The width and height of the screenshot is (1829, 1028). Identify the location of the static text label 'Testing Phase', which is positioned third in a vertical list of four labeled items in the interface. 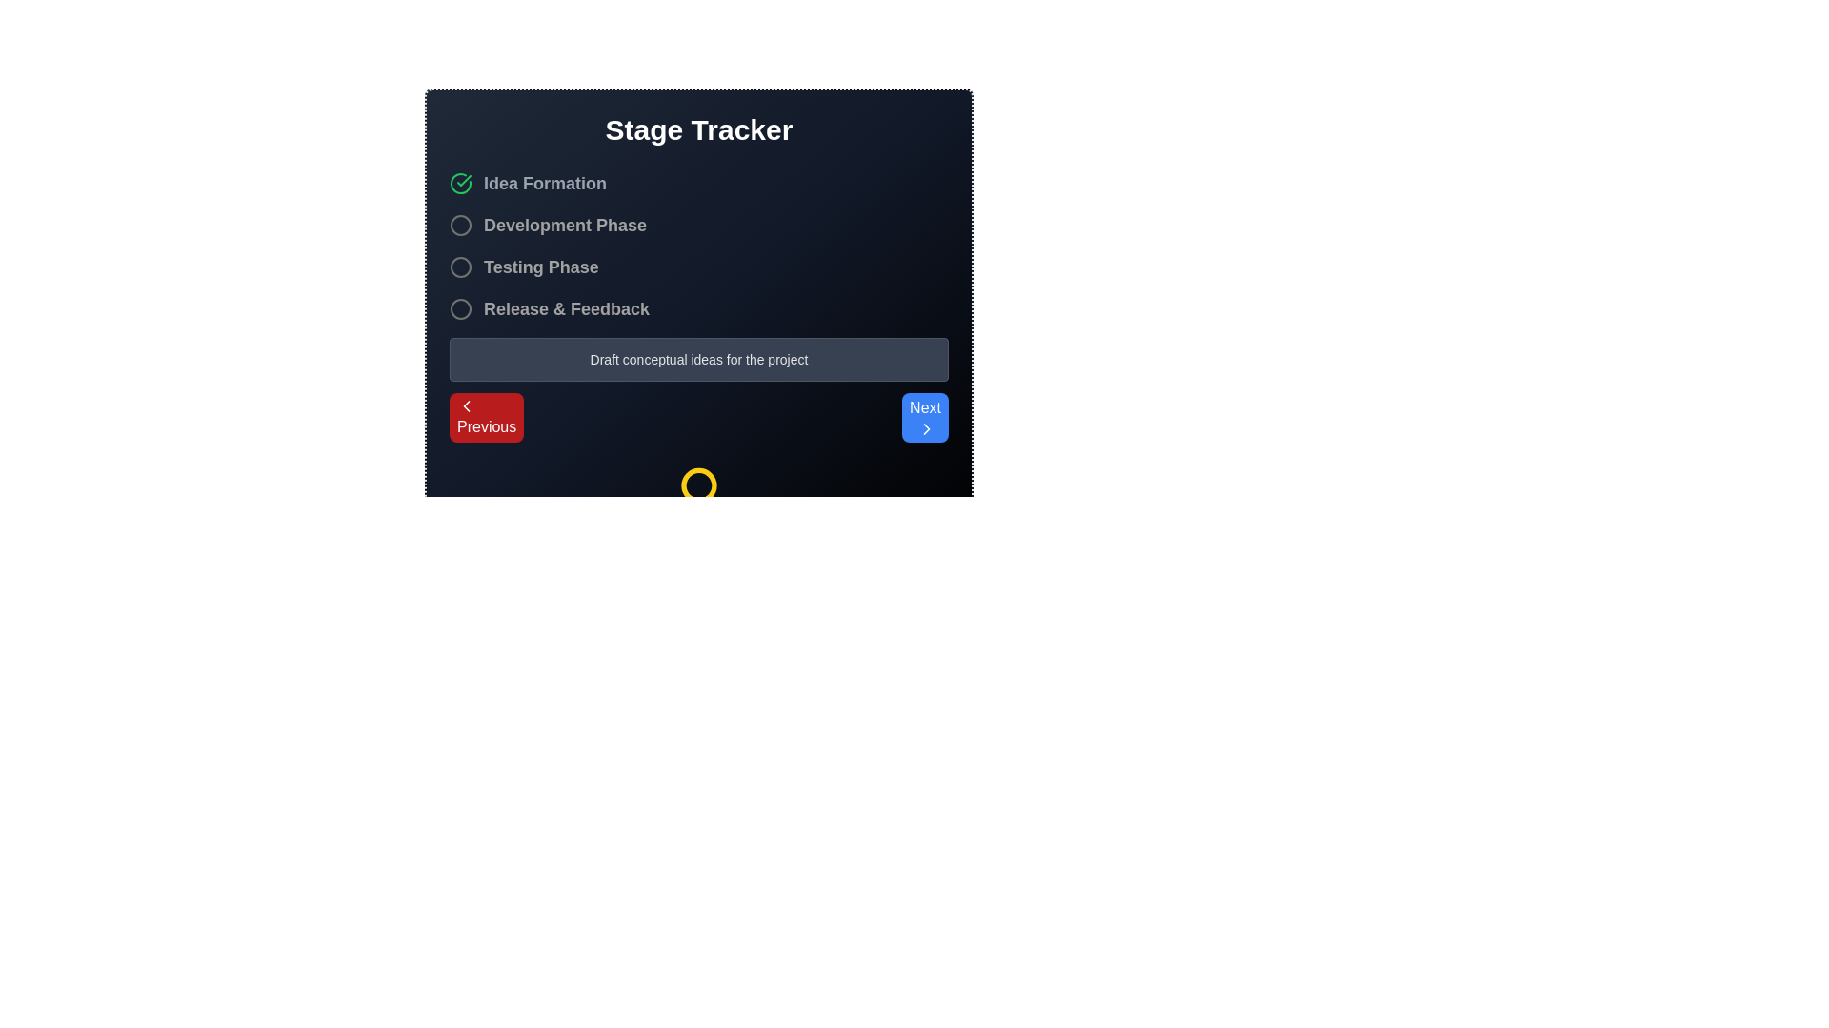
(540, 267).